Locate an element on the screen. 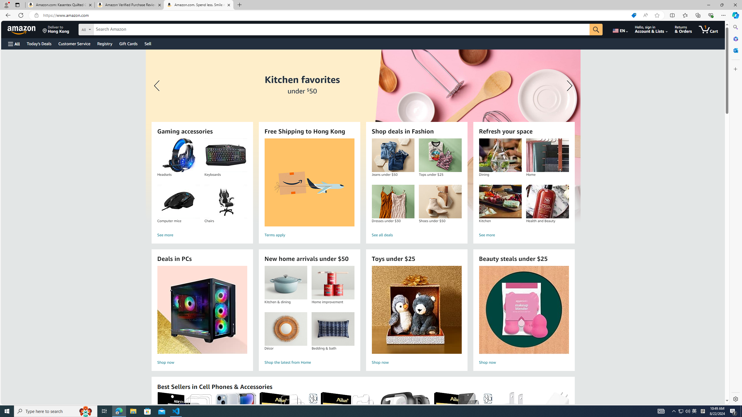  'Shoes under $50' is located at coordinates (440, 202).